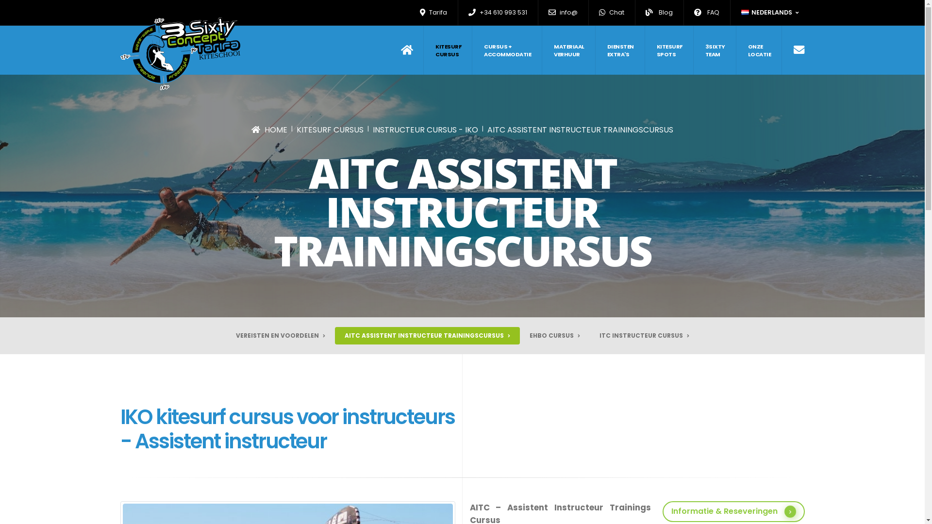  What do you see at coordinates (611, 13) in the screenshot?
I see `'Chat'` at bounding box center [611, 13].